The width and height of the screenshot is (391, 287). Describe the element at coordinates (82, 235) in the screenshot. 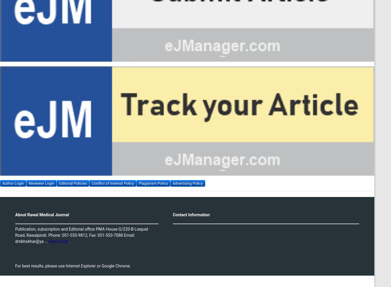

I see `'Publication, subscription and Editorial office 

PMA House G/220-B Liaquat Road, Rawalpindi. Phone: 051-555-9812, Fax: 051-553-7088 Email: drnkhokhar@ya ...'` at that location.